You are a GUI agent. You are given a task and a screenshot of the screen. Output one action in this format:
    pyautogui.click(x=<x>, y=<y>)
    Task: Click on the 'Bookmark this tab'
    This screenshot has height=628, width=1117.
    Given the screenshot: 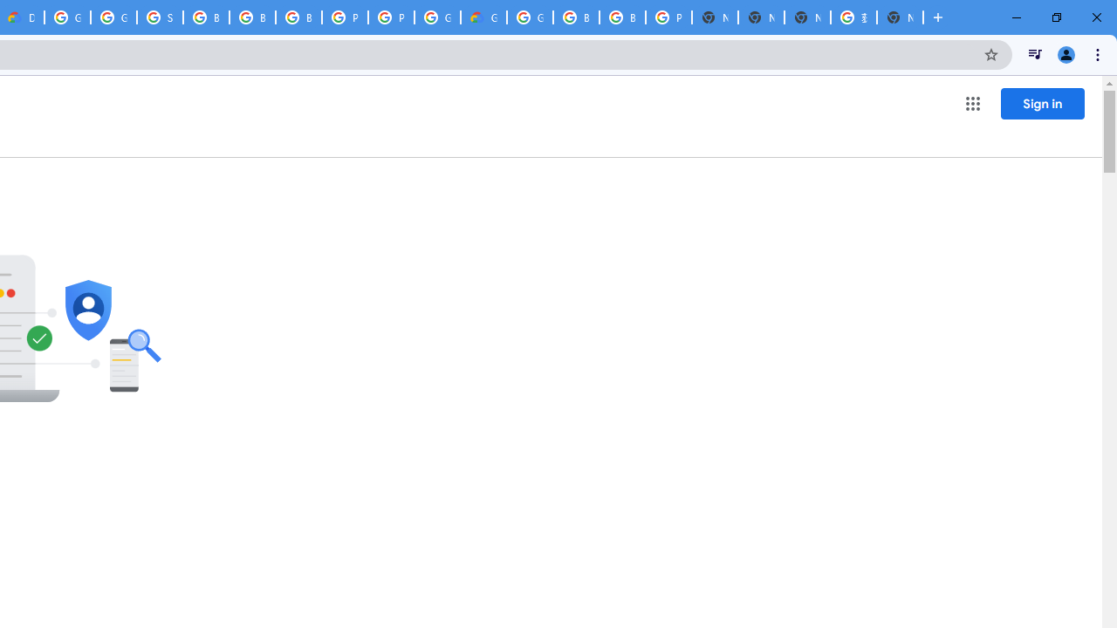 What is the action you would take?
    pyautogui.click(x=991, y=53)
    